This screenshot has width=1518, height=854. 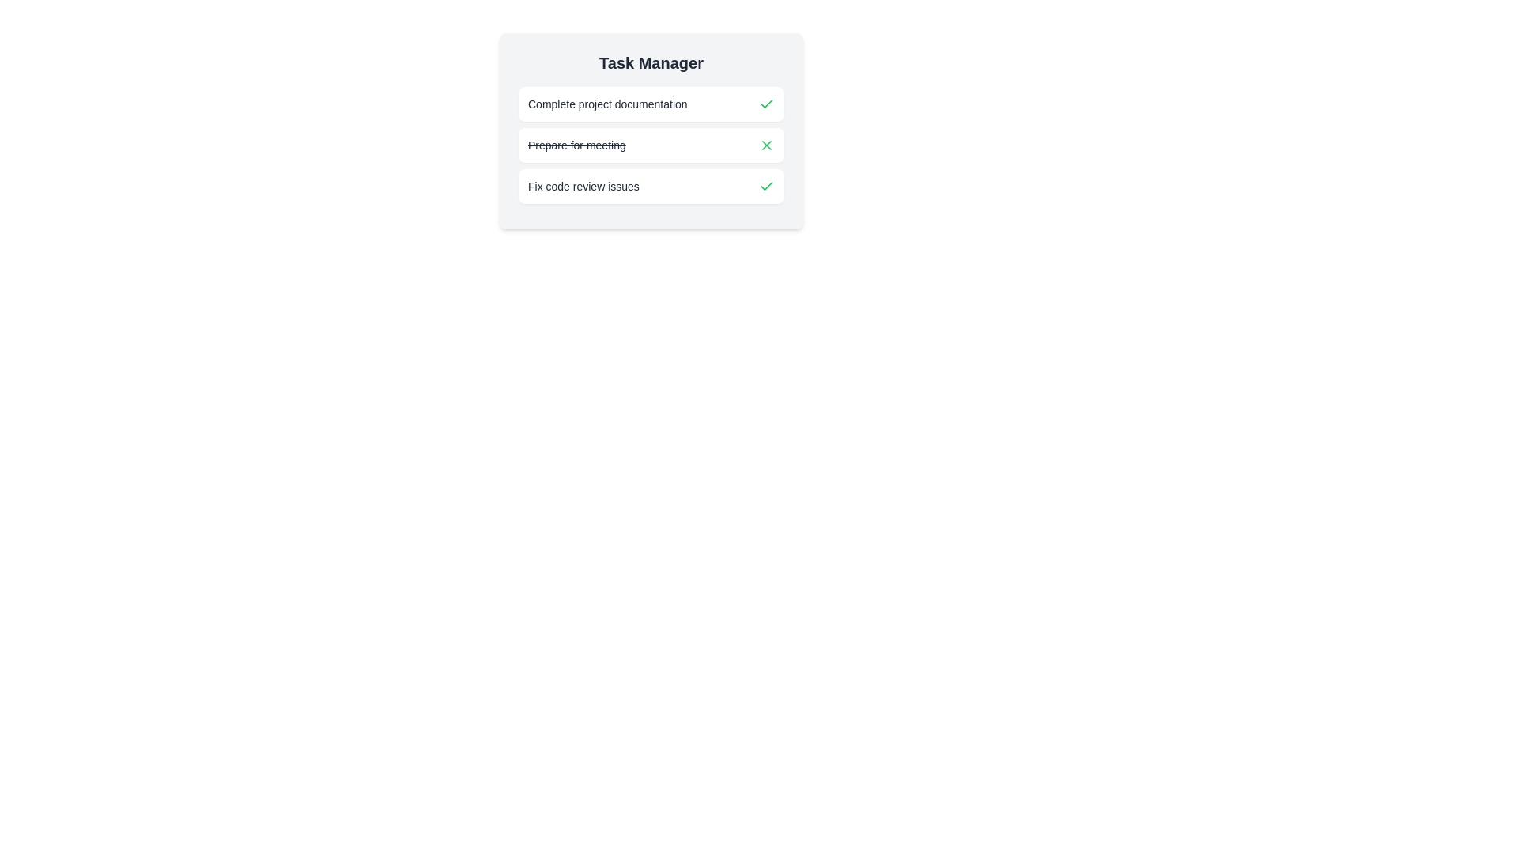 I want to click on text label indicating the task's description located in the third task item of the task manager interface, so click(x=583, y=185).